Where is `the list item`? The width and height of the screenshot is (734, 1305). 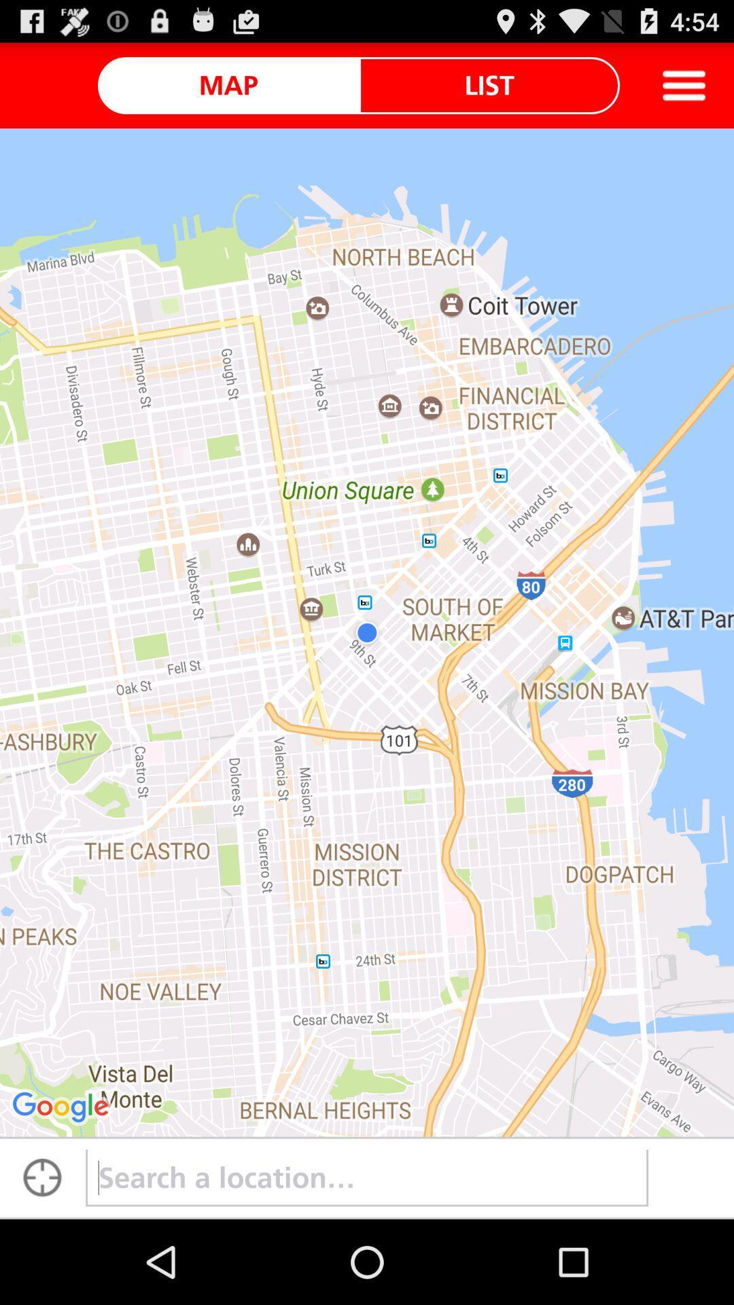
the list item is located at coordinates (489, 84).